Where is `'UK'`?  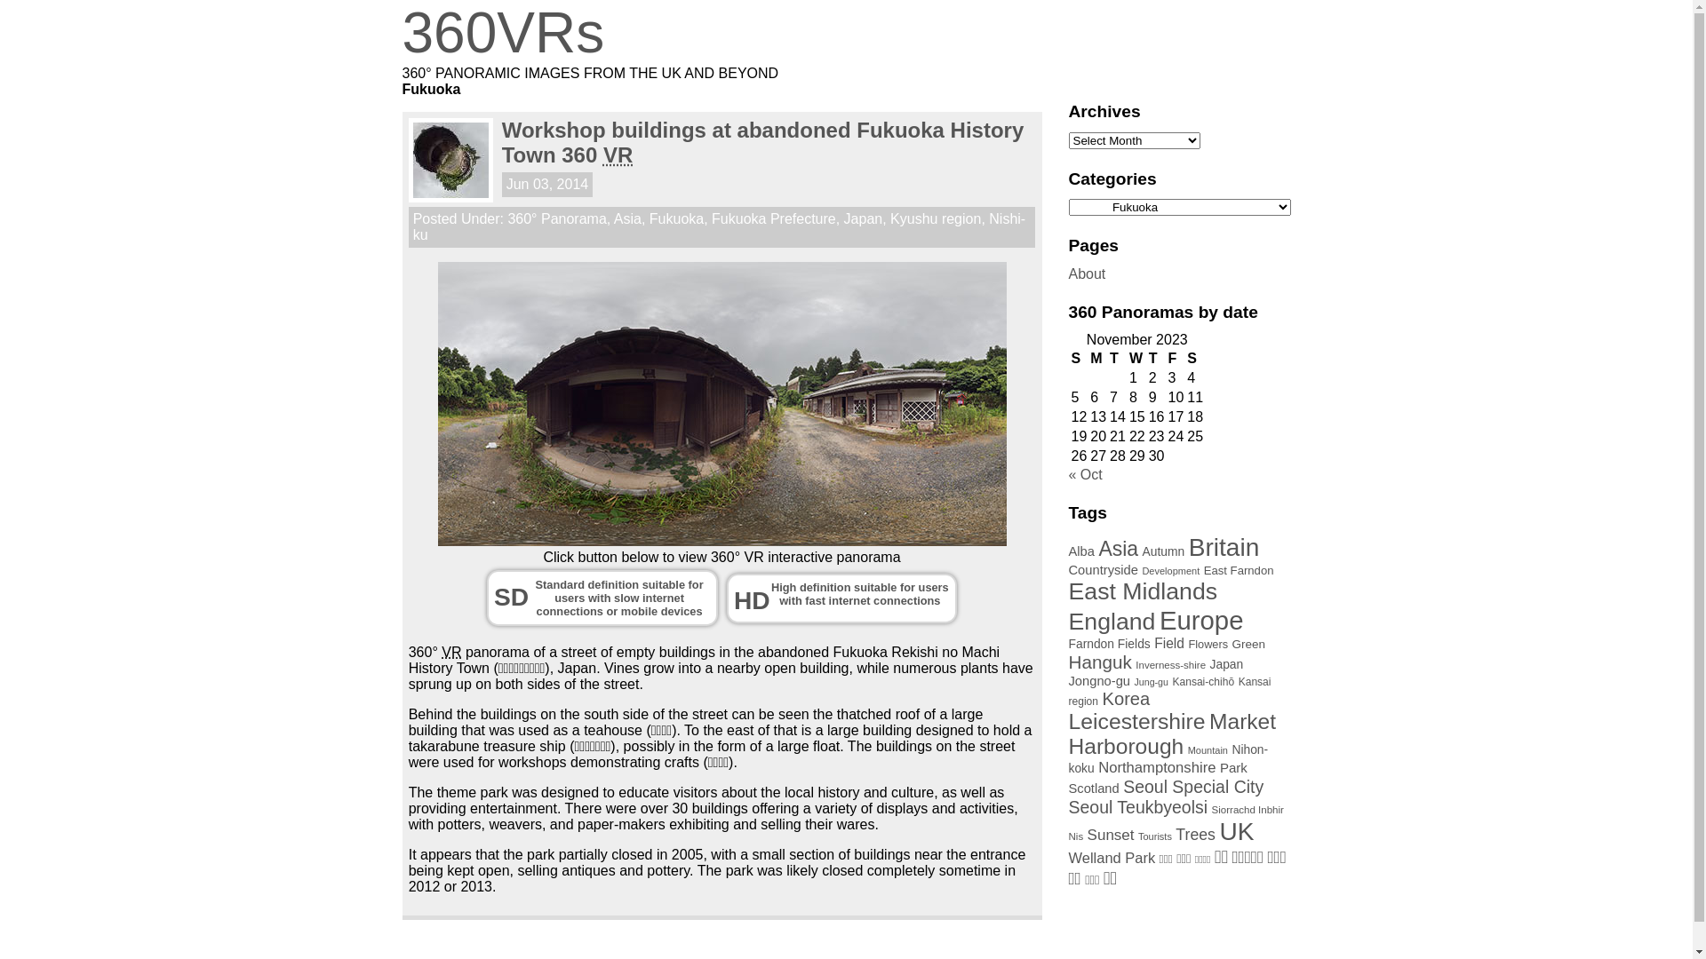
'UK' is located at coordinates (1218, 831).